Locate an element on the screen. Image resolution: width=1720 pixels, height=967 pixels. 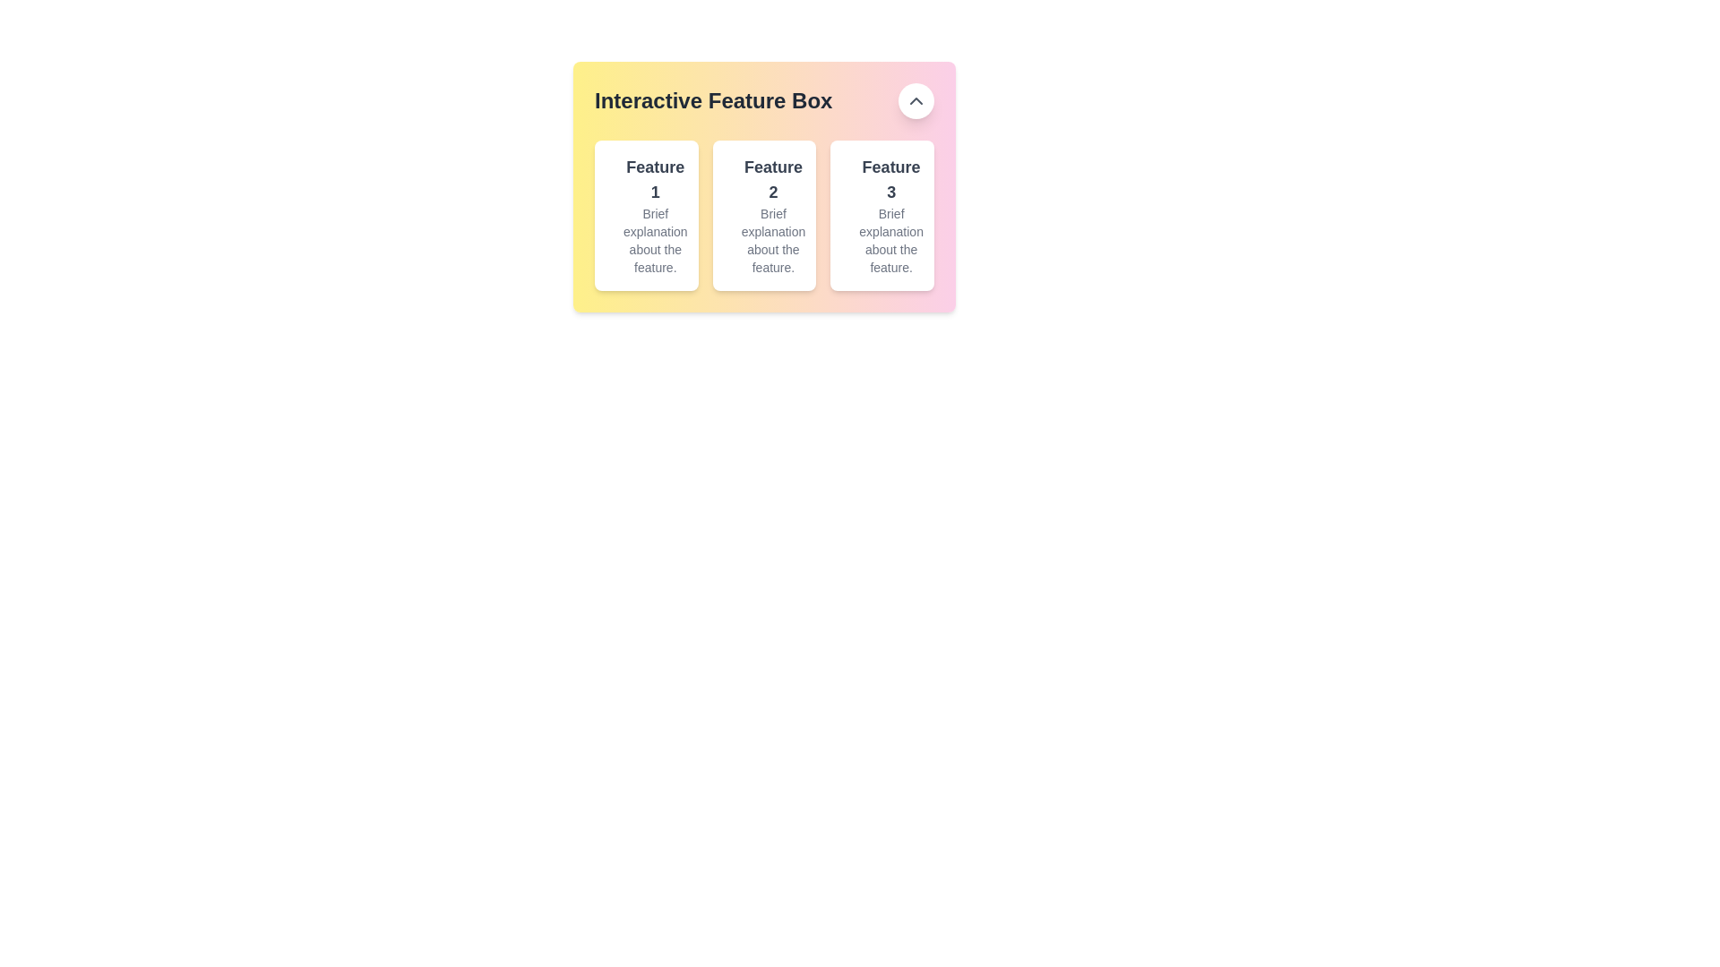
the small circle vector graphic element contained within the 'Feature 1' card in the 'Interactive Feature Box' layout is located at coordinates (619, 207).